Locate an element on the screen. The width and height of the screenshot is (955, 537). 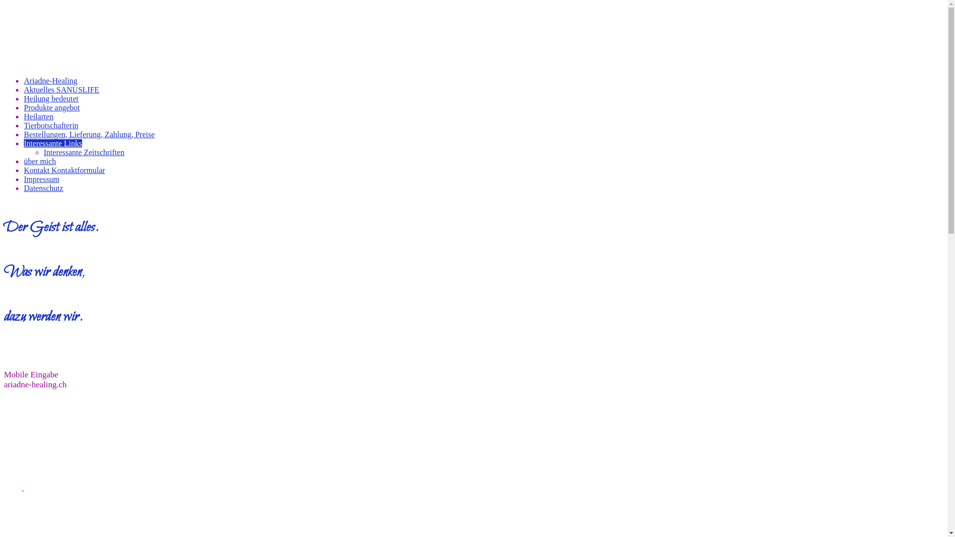
'Tierbotschafterin' is located at coordinates (50, 125).